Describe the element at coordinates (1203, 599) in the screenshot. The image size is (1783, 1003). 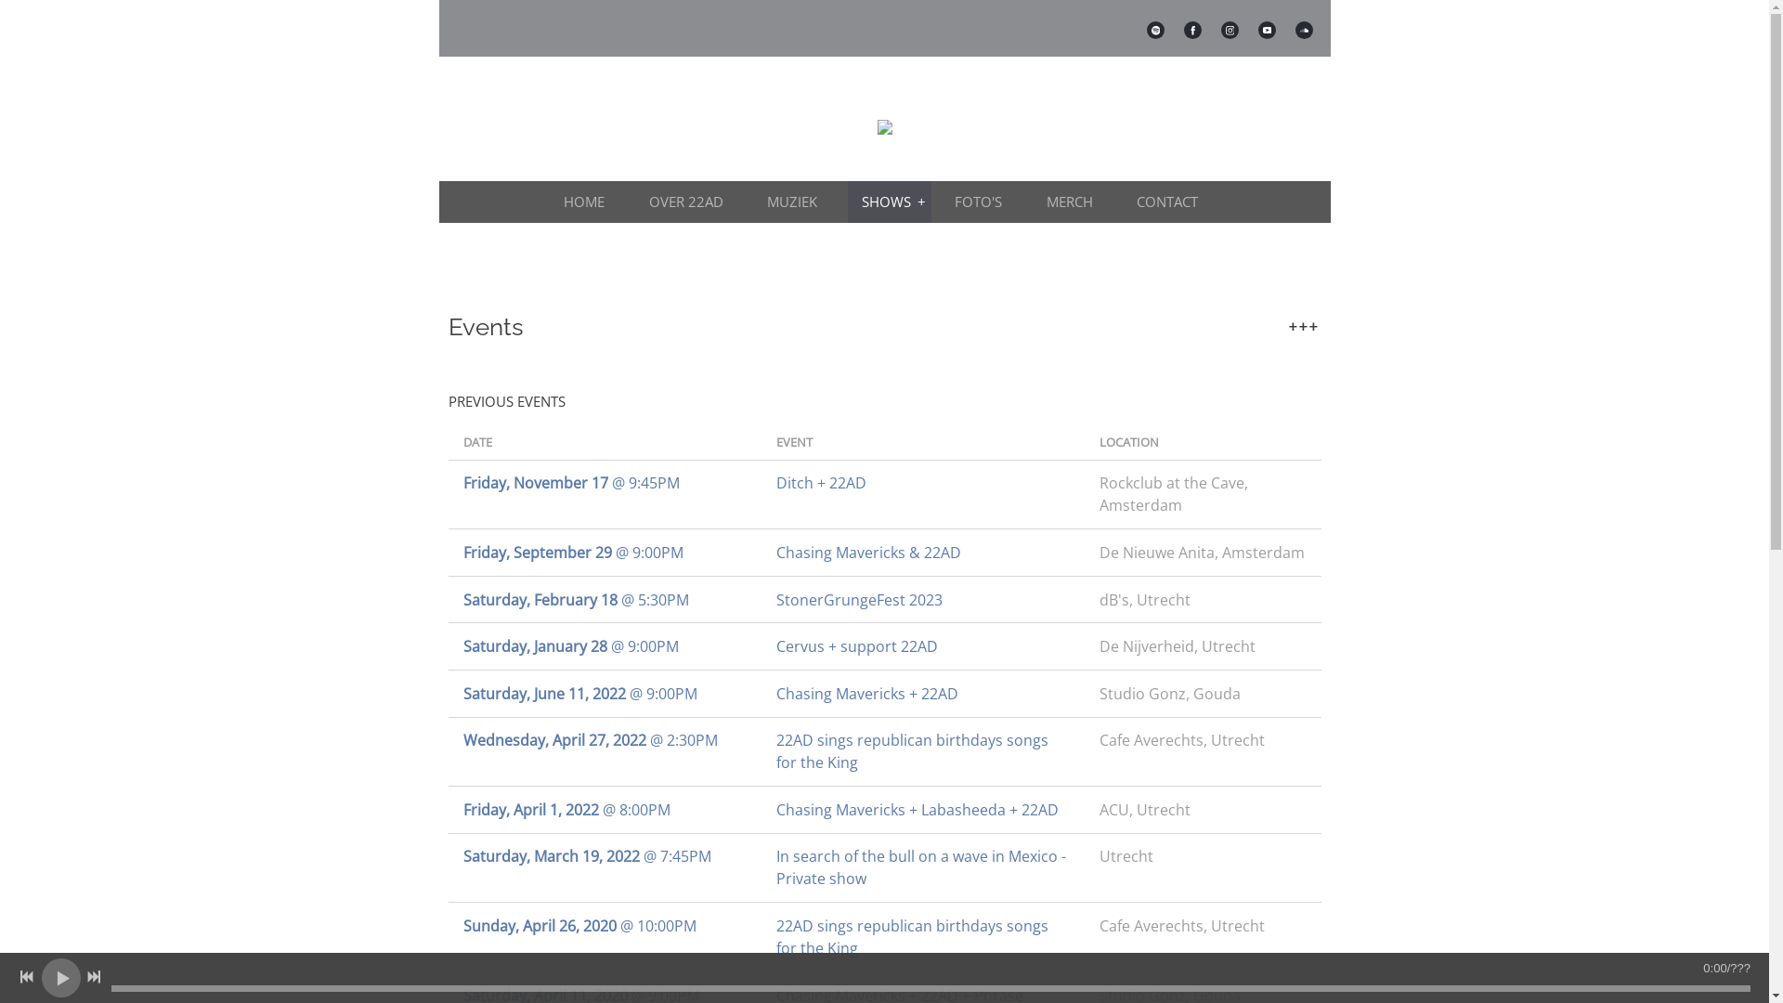
I see `'dB's, Utrecht'` at that location.